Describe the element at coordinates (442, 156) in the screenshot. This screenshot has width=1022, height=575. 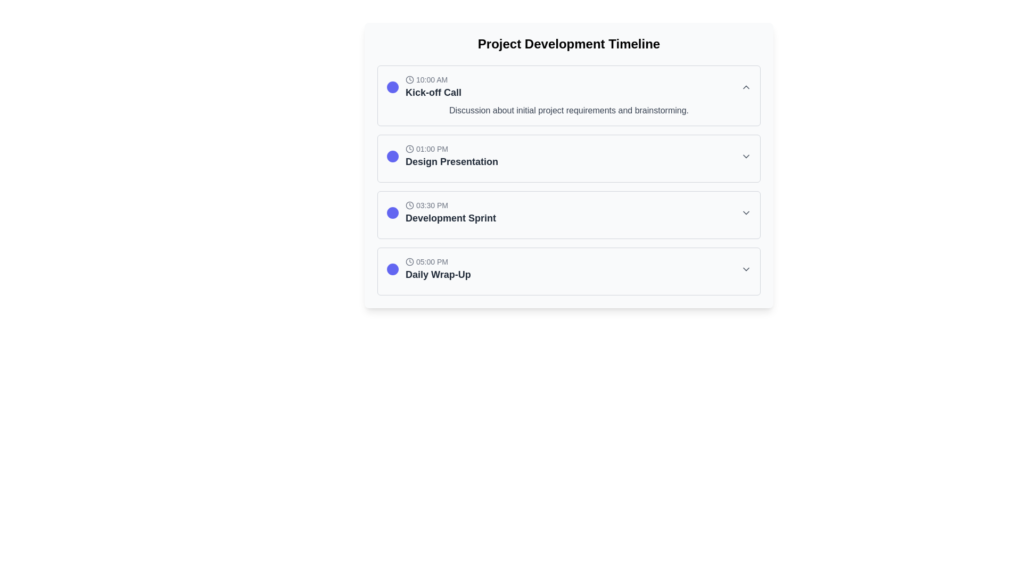
I see `the second item in the timeline event row, which features a purple circle icon on the left, a time label ('01:00 PM'), and a bold event title ('Design Presentation')` at that location.